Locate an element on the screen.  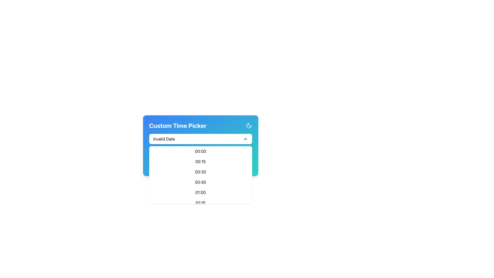
the list item displaying '00:15' in a black font within the dropdown list of the time picker is located at coordinates (200, 161).